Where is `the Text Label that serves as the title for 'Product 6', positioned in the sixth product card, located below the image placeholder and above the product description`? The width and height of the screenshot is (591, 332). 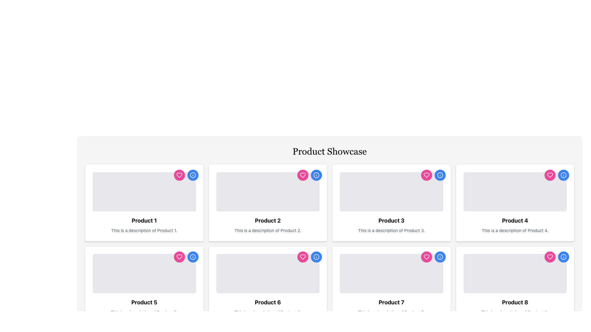 the Text Label that serves as the title for 'Product 6', positioned in the sixth product card, located below the image placeholder and above the product description is located at coordinates (268, 302).